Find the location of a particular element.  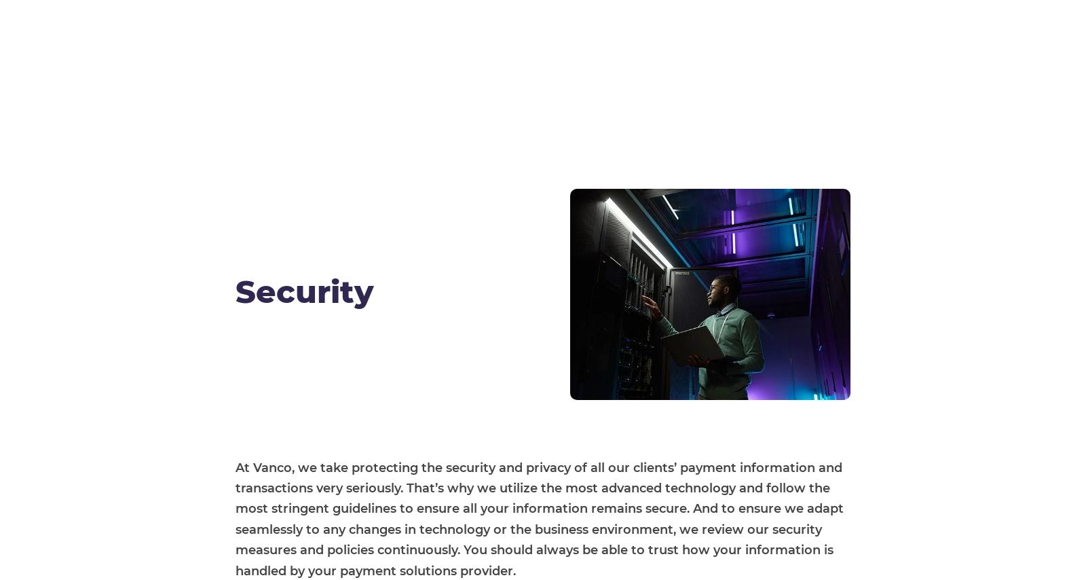

'400 Northridge Rd.' is located at coordinates (691, 513).